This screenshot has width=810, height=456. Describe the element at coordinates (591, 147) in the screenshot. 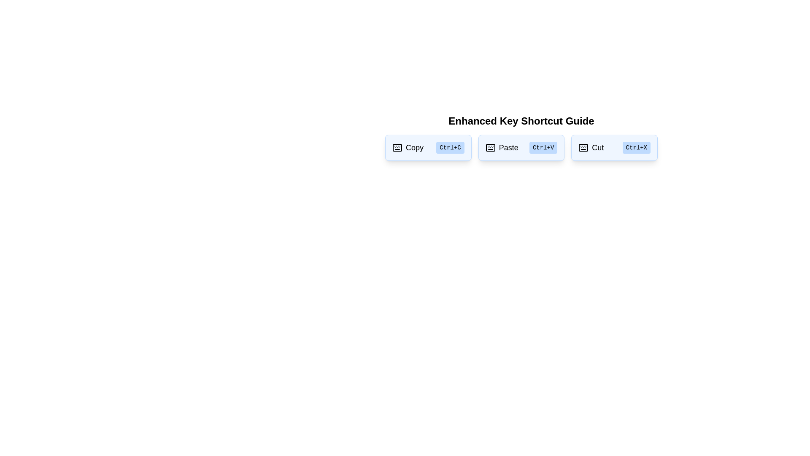

I see `the 'Cut' interactive label with an icon and text, which indicates the 'Ctrl+X' keyboard shortcut` at that location.